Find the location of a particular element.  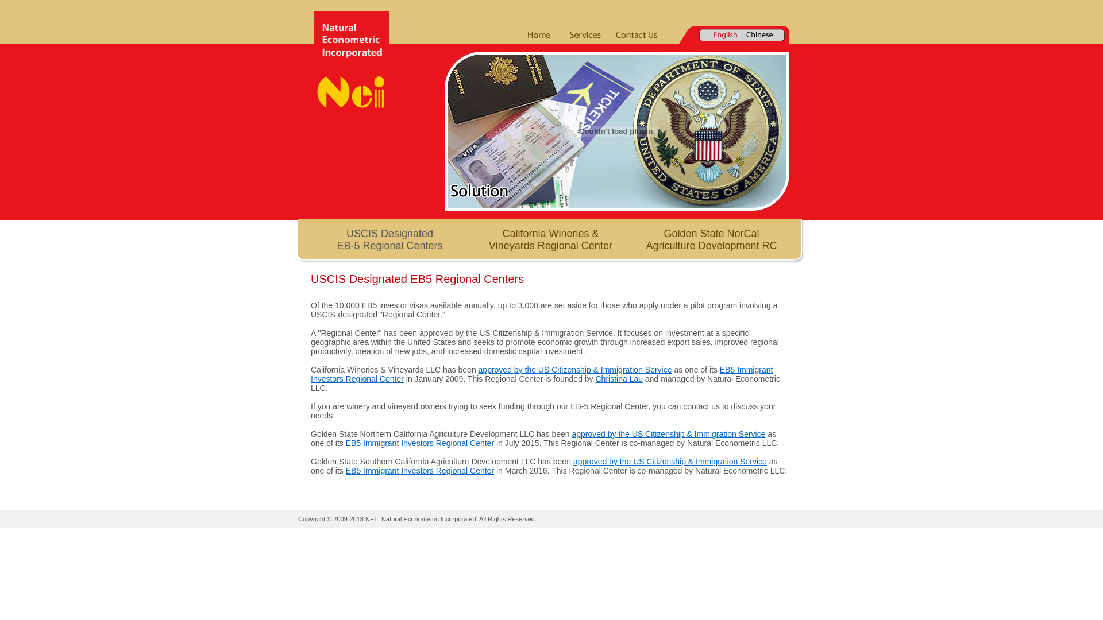

'Home' is located at coordinates (538, 34).